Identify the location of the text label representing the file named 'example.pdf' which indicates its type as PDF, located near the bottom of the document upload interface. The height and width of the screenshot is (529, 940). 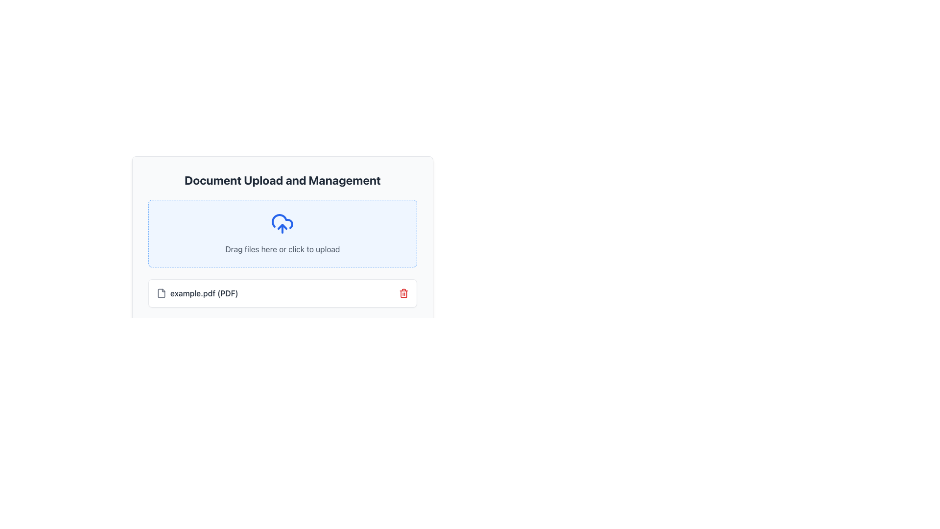
(204, 292).